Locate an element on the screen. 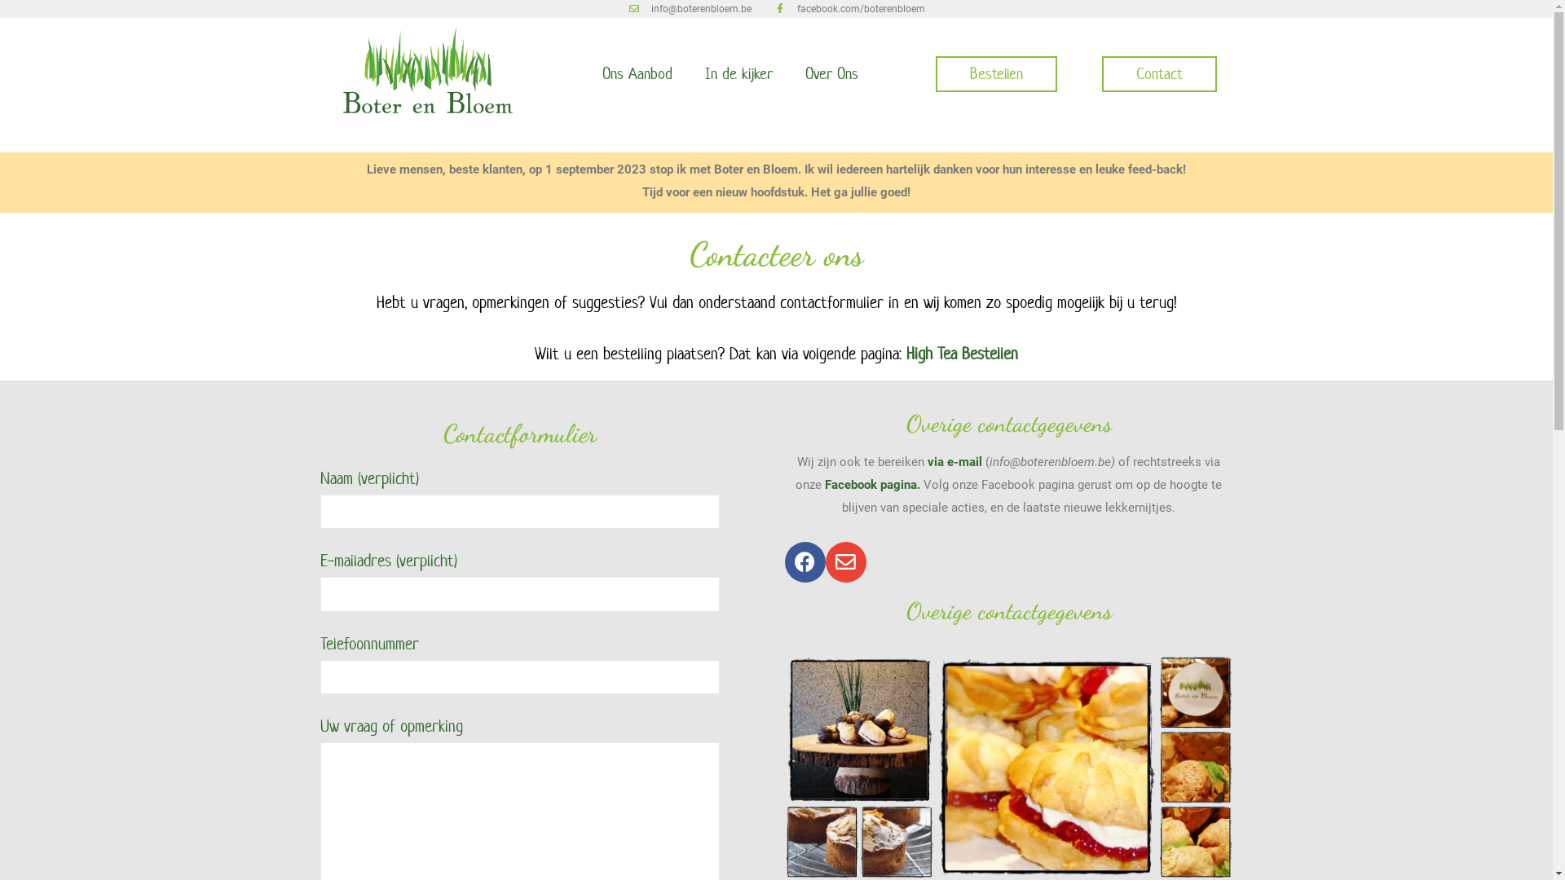 The width and height of the screenshot is (1565, 880). 'In de kijker' is located at coordinates (737, 74).